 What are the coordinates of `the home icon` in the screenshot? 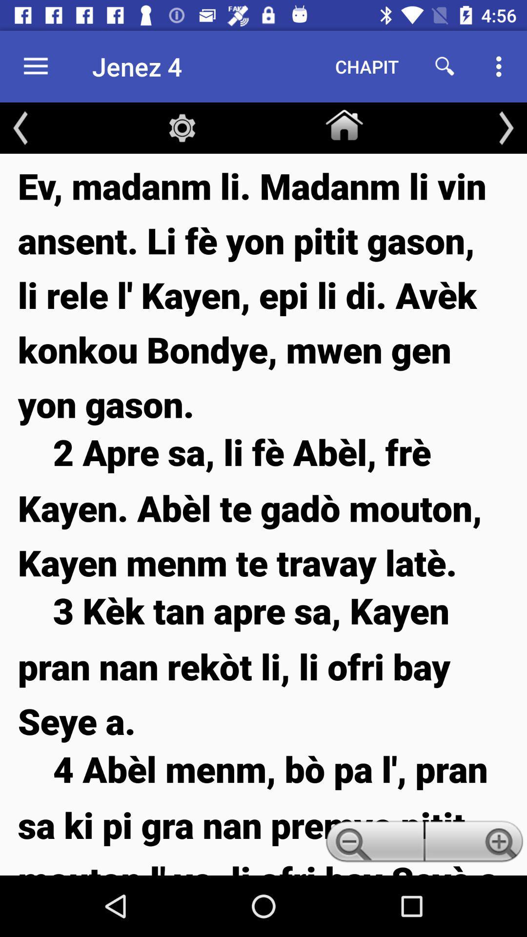 It's located at (344, 122).